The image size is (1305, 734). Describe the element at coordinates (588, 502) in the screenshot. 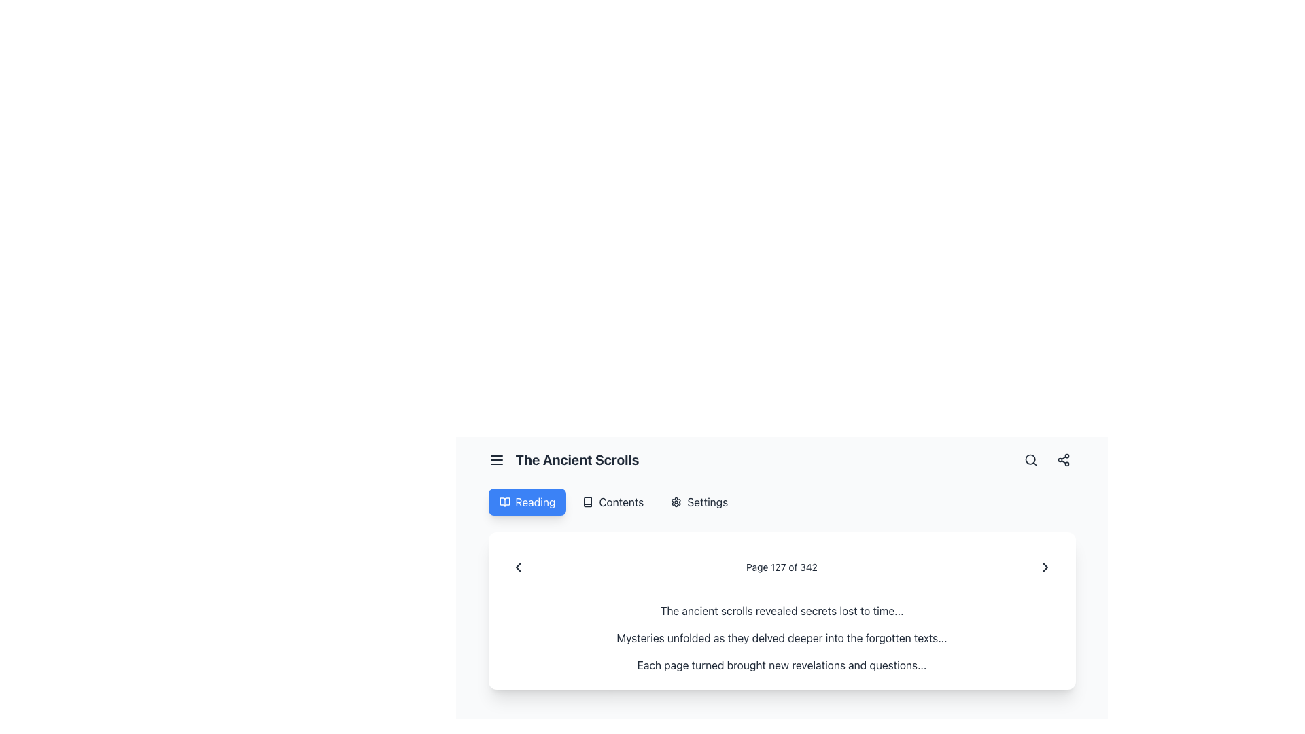

I see `the open book icon located` at that location.